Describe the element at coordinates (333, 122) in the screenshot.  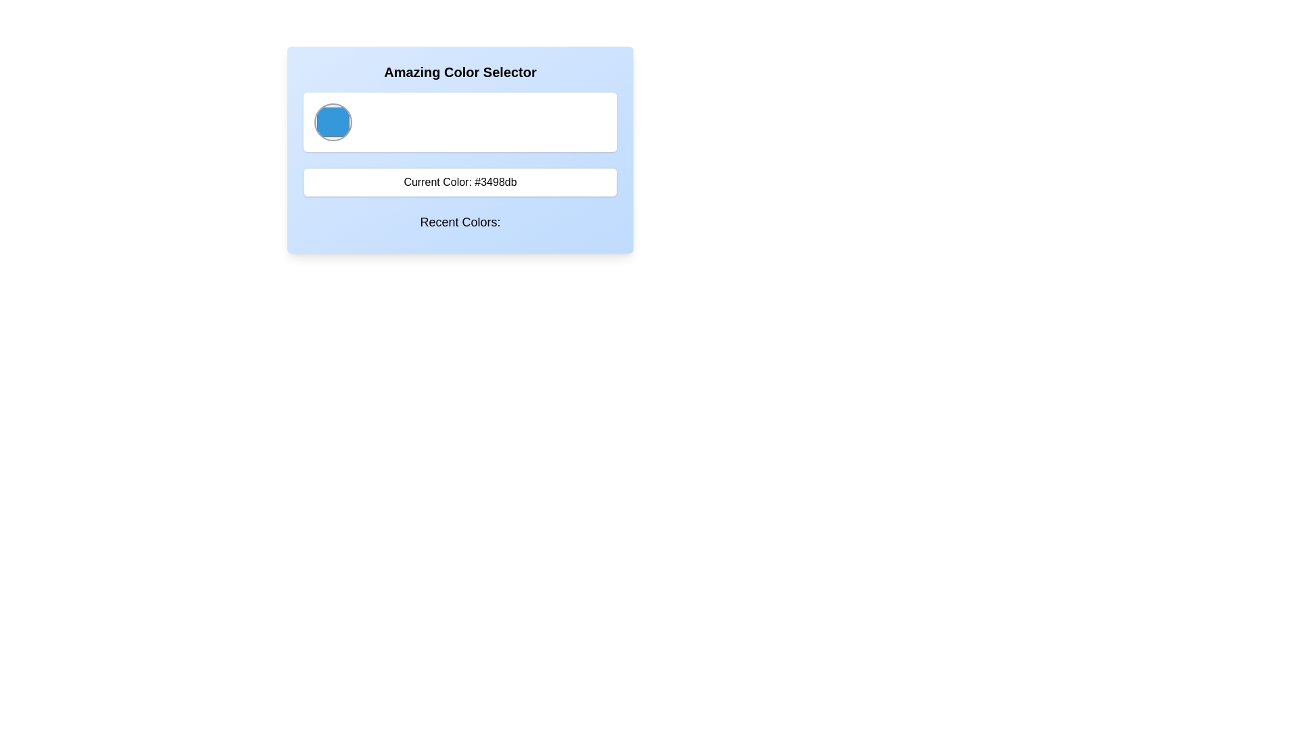
I see `the interactive circular color picker with a light blue fill and thin gray border` at that location.